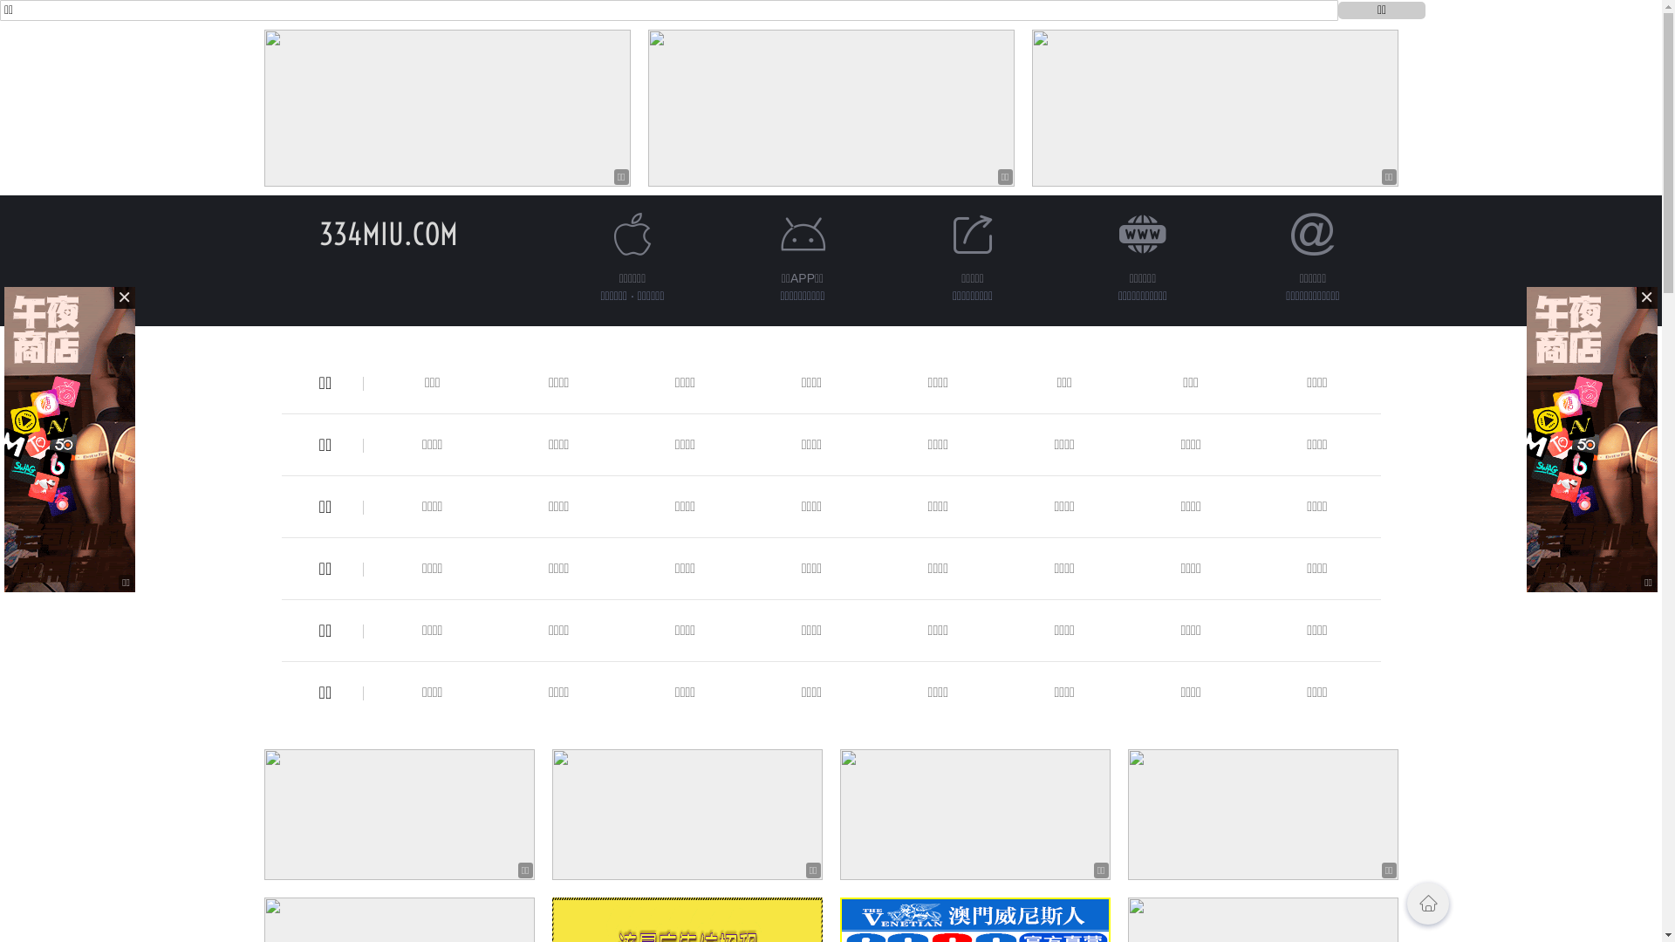  I want to click on '334MIU.COM', so click(318, 233).